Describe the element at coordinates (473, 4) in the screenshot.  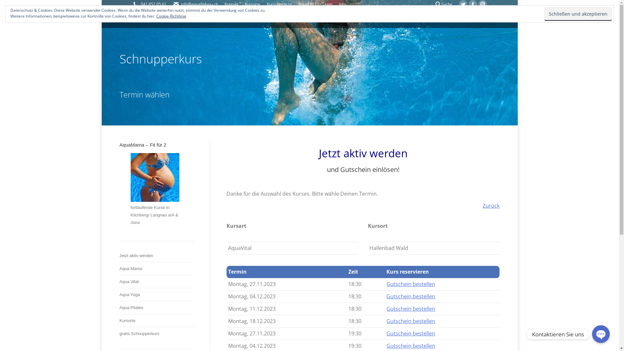
I see `'Facebook page opens in new window'` at that location.